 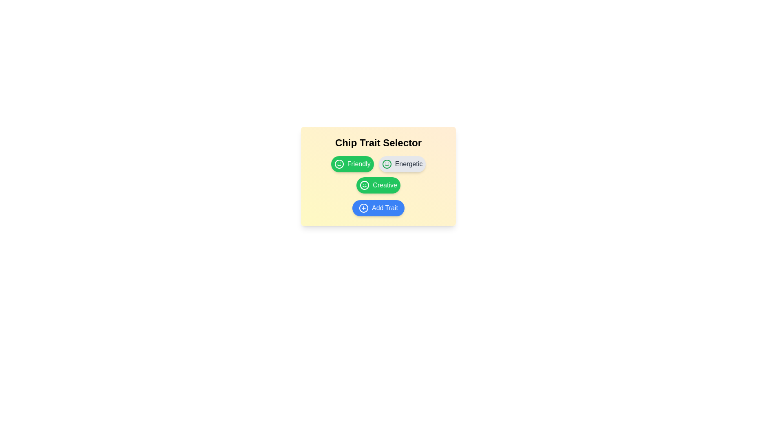 What do you see at coordinates (378, 185) in the screenshot?
I see `the chip labeled Creative to observe its hover effect` at bounding box center [378, 185].